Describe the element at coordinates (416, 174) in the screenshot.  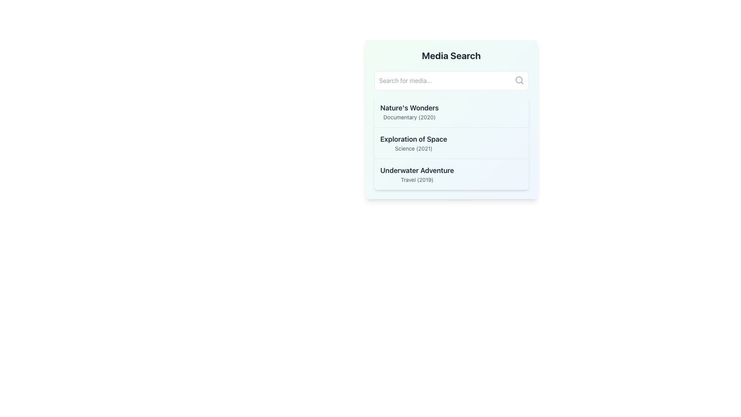
I see `the list item titled 'Underwater Adventure'` at that location.